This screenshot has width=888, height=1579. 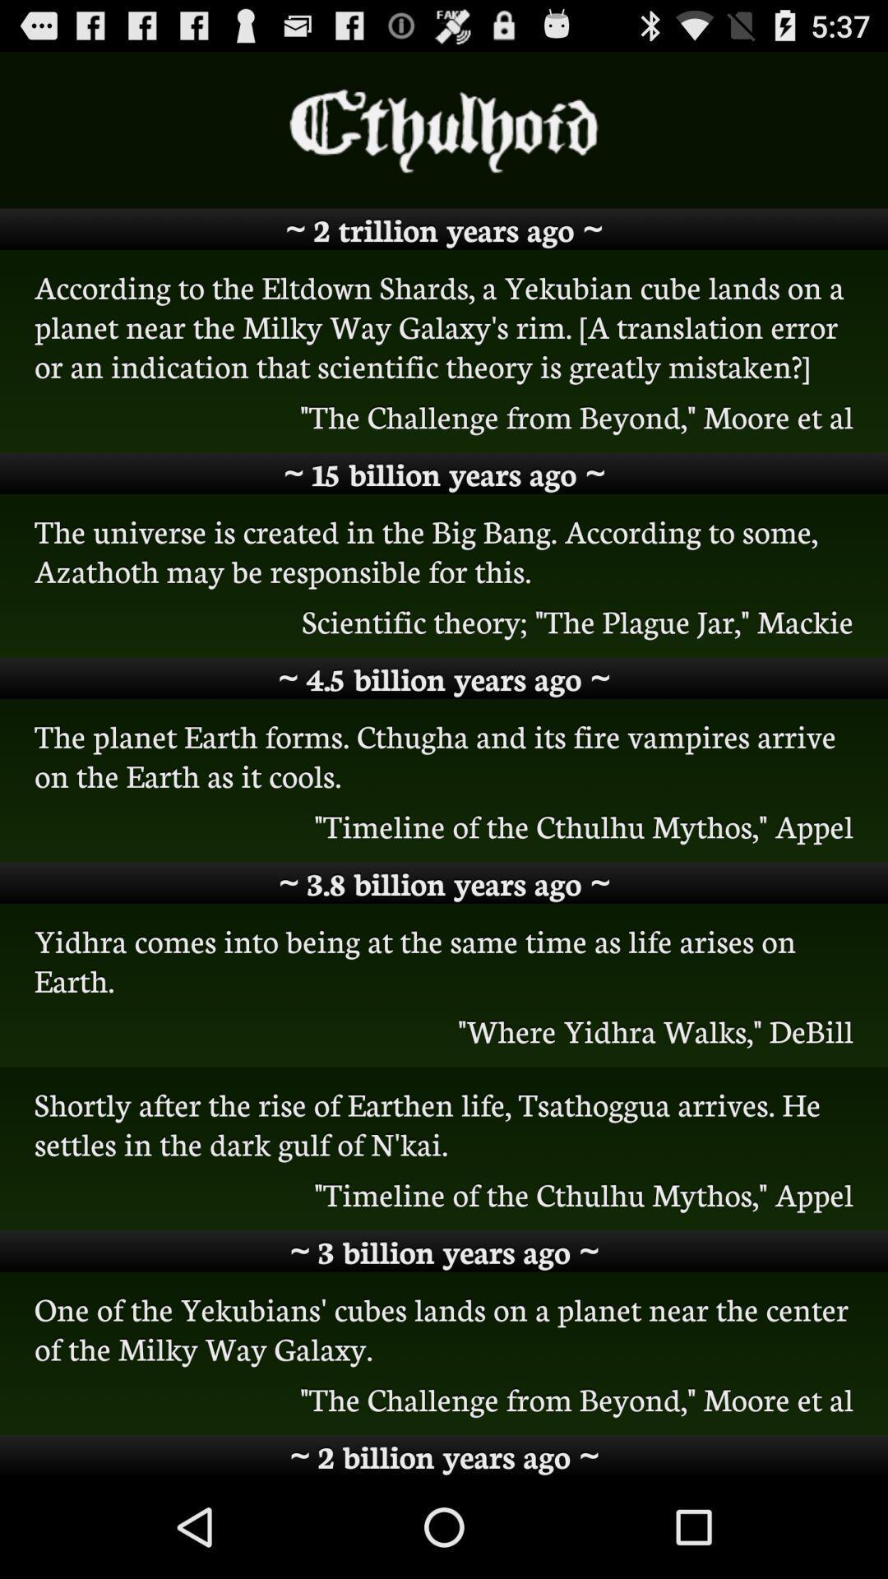 I want to click on the universe is, so click(x=444, y=550).